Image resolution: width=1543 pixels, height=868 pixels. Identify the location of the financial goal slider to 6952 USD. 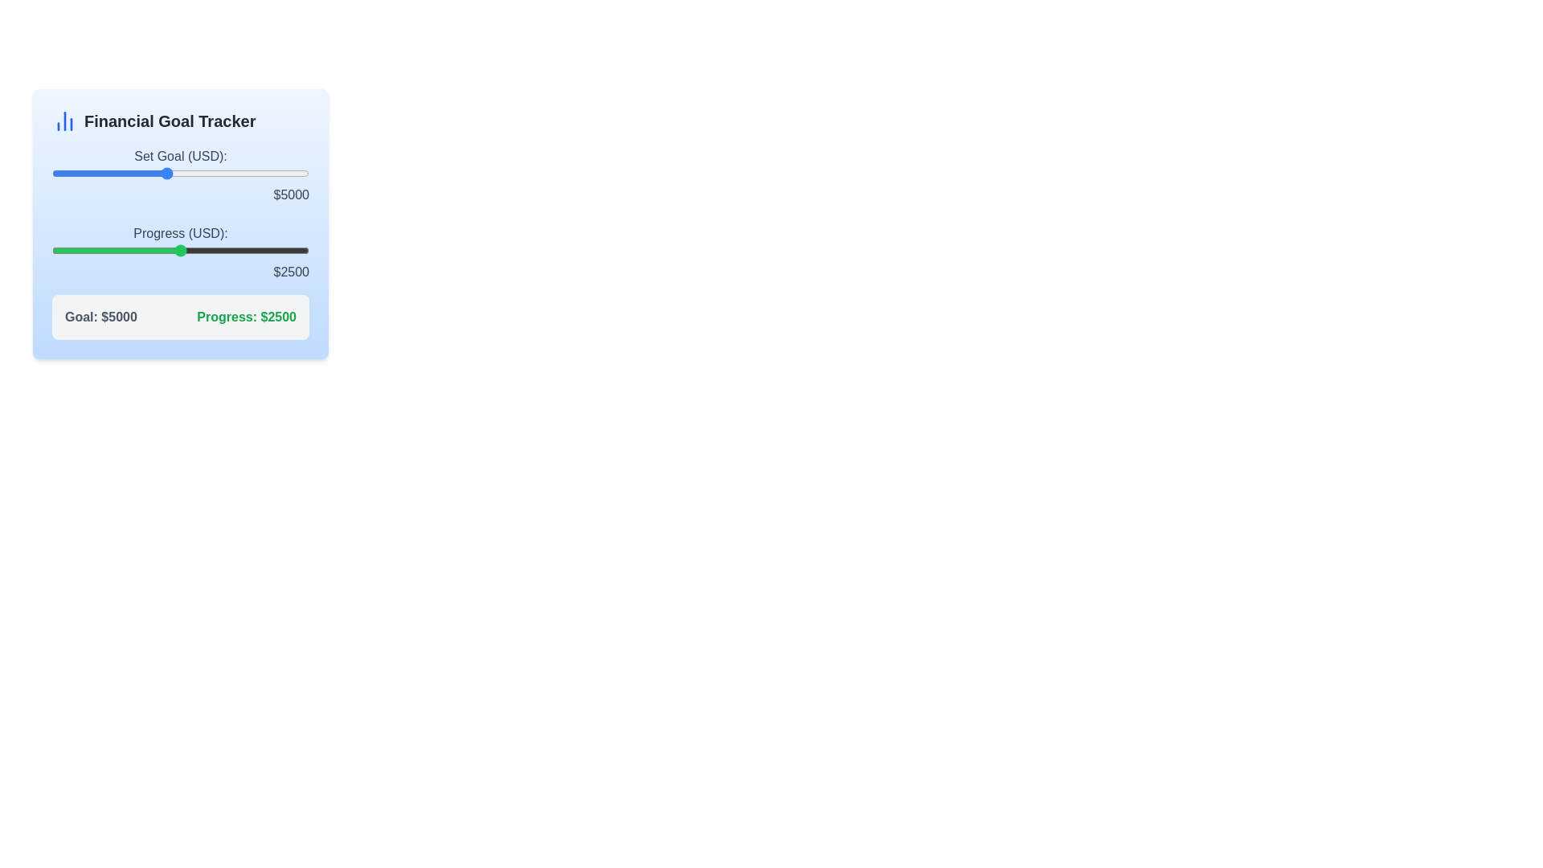
(221, 174).